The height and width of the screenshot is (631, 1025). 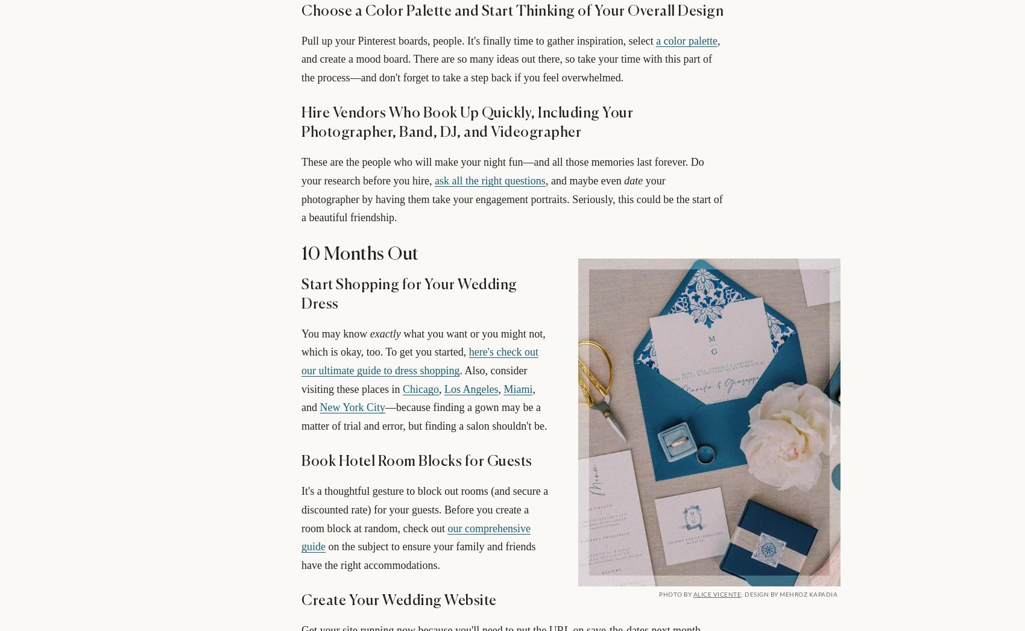 What do you see at coordinates (301, 171) in the screenshot?
I see `'These are the people who will make your night fun—and all those memories last forever. Do your research before you hire,'` at bounding box center [301, 171].